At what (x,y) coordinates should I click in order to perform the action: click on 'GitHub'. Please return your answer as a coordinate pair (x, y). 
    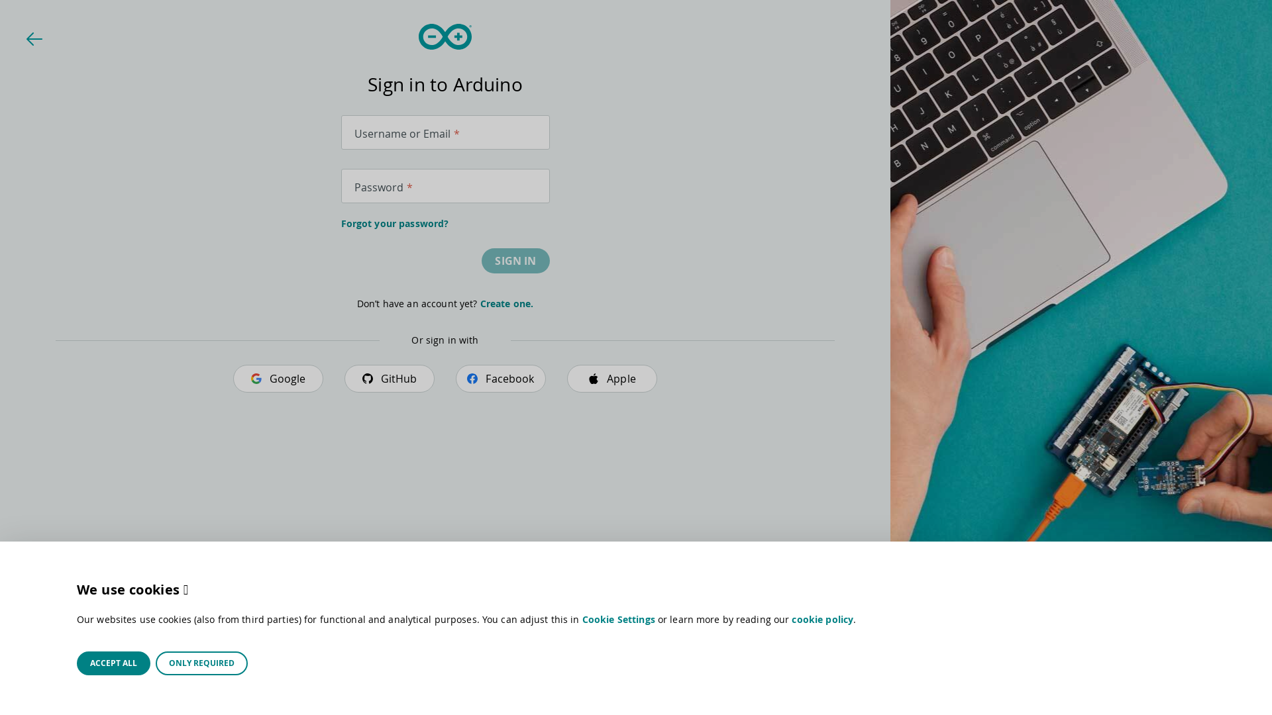
    Looking at the image, I should click on (389, 378).